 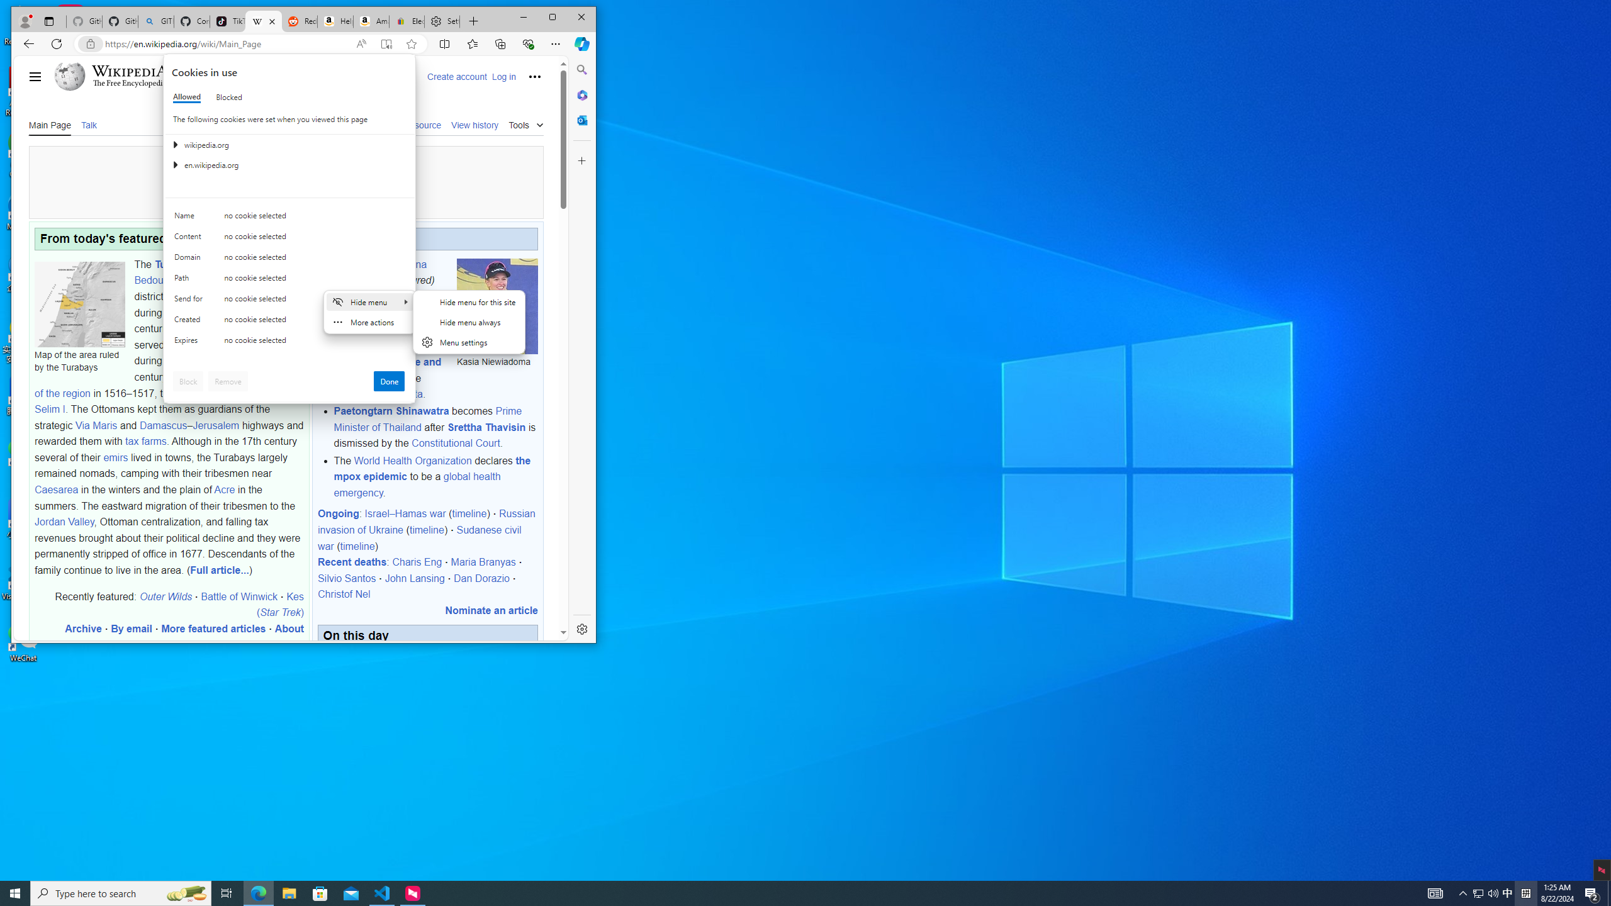 What do you see at coordinates (469, 321) in the screenshot?
I see `'Hide menu always'` at bounding box center [469, 321].